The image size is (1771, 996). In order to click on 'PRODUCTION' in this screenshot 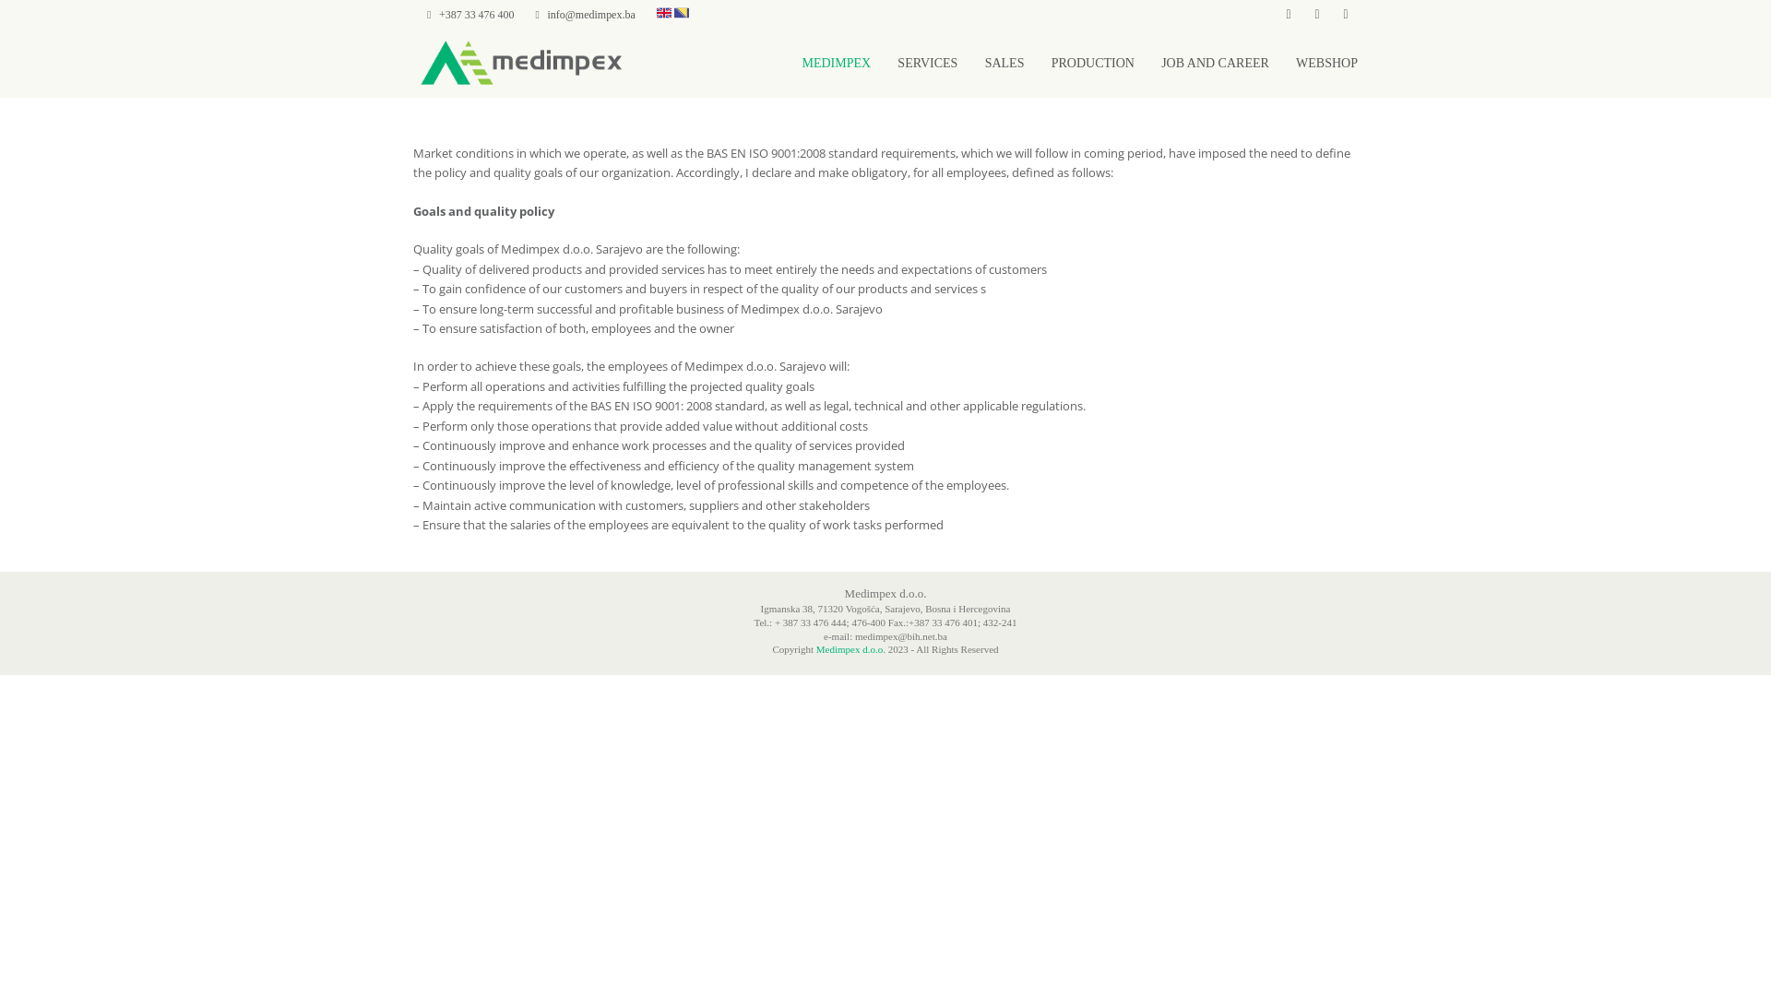, I will do `click(1093, 62)`.